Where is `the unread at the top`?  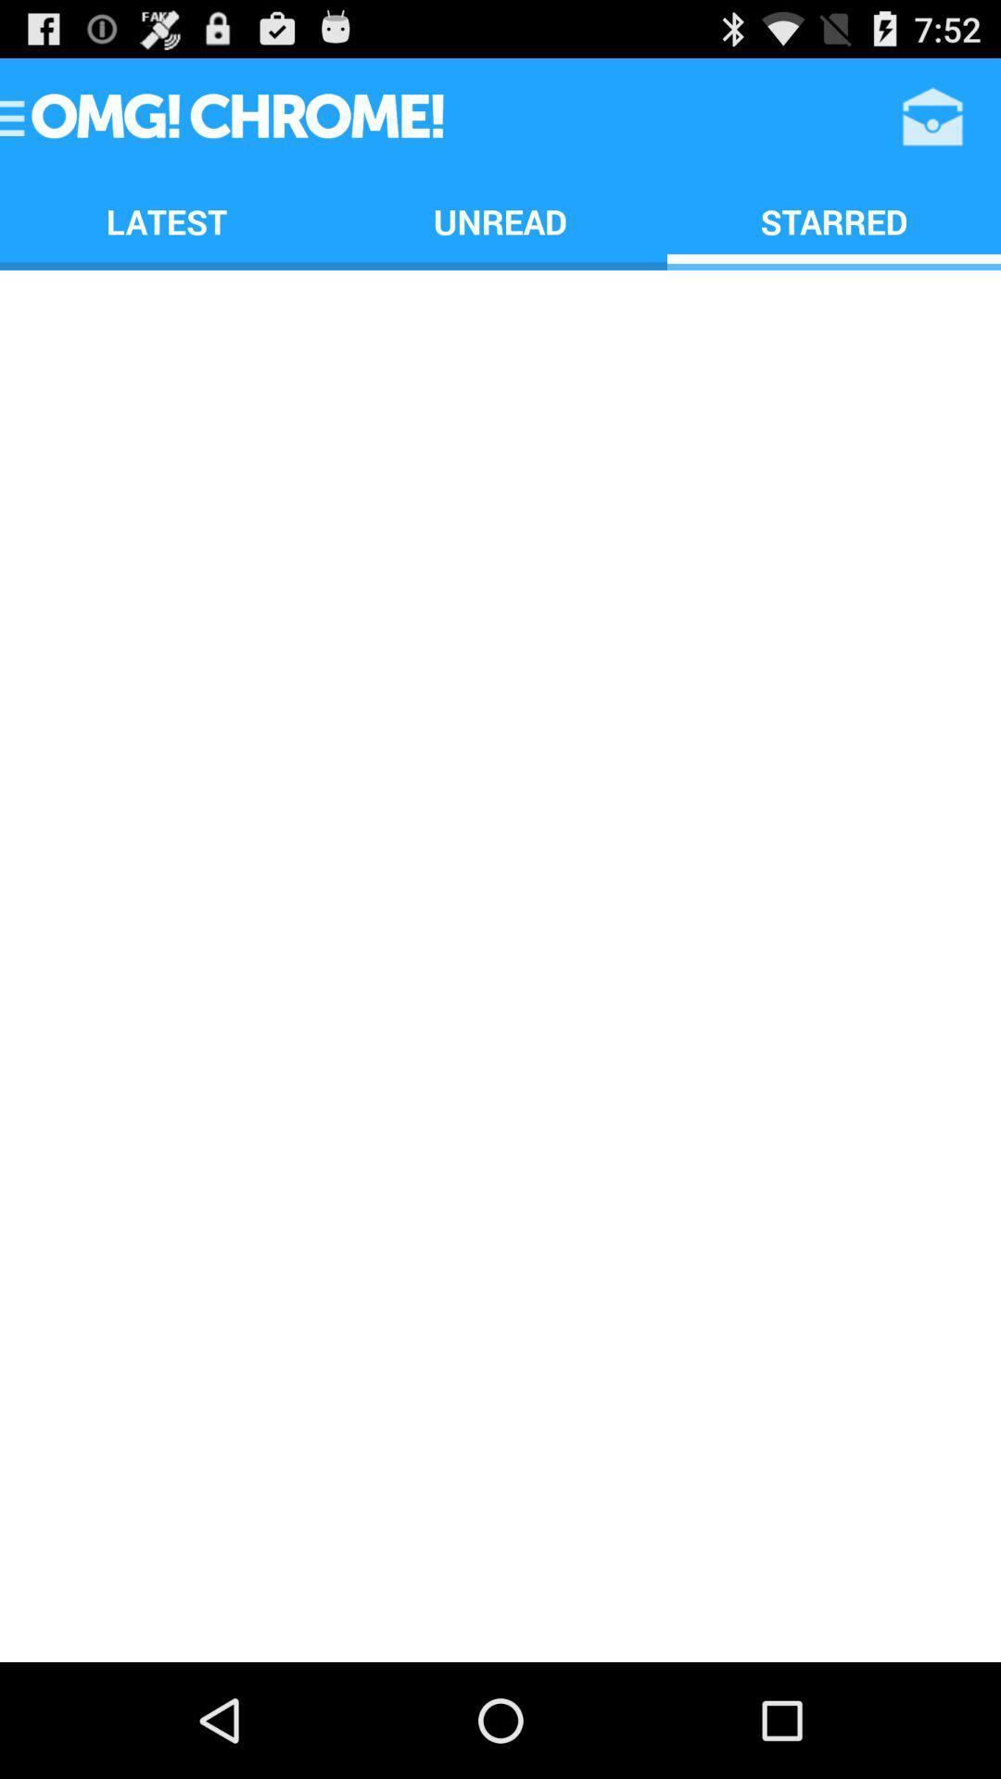
the unread at the top is located at coordinates (500, 221).